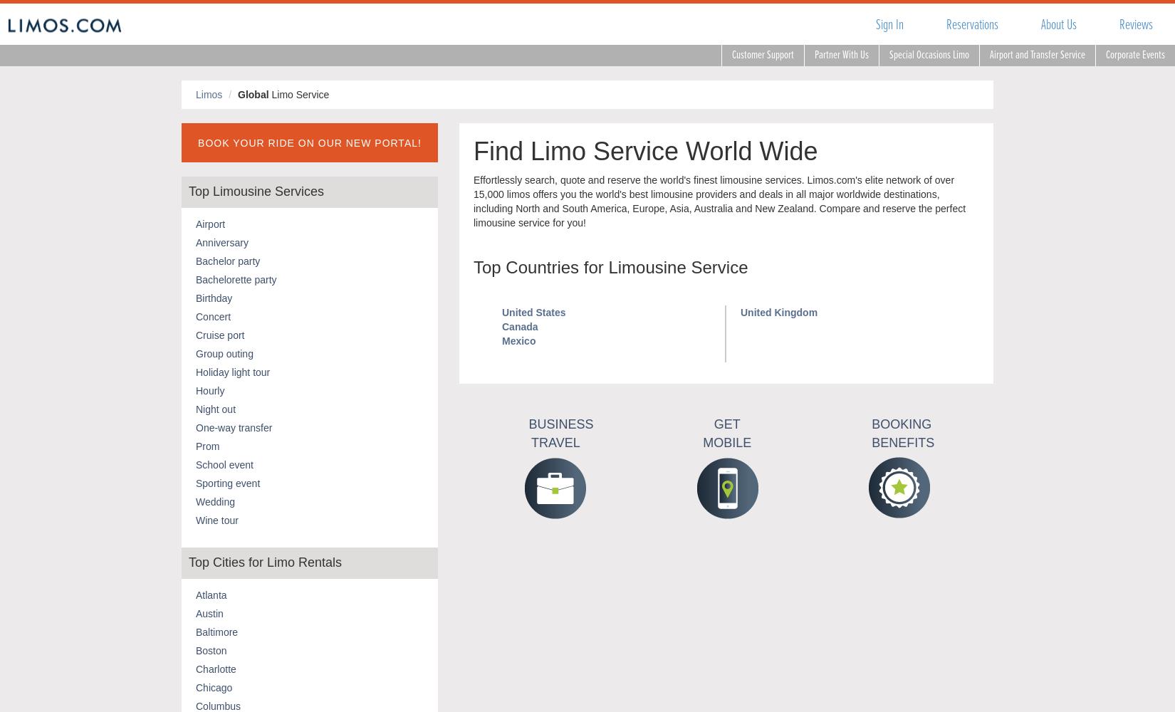 This screenshot has width=1175, height=712. Describe the element at coordinates (211, 650) in the screenshot. I see `'Boston'` at that location.